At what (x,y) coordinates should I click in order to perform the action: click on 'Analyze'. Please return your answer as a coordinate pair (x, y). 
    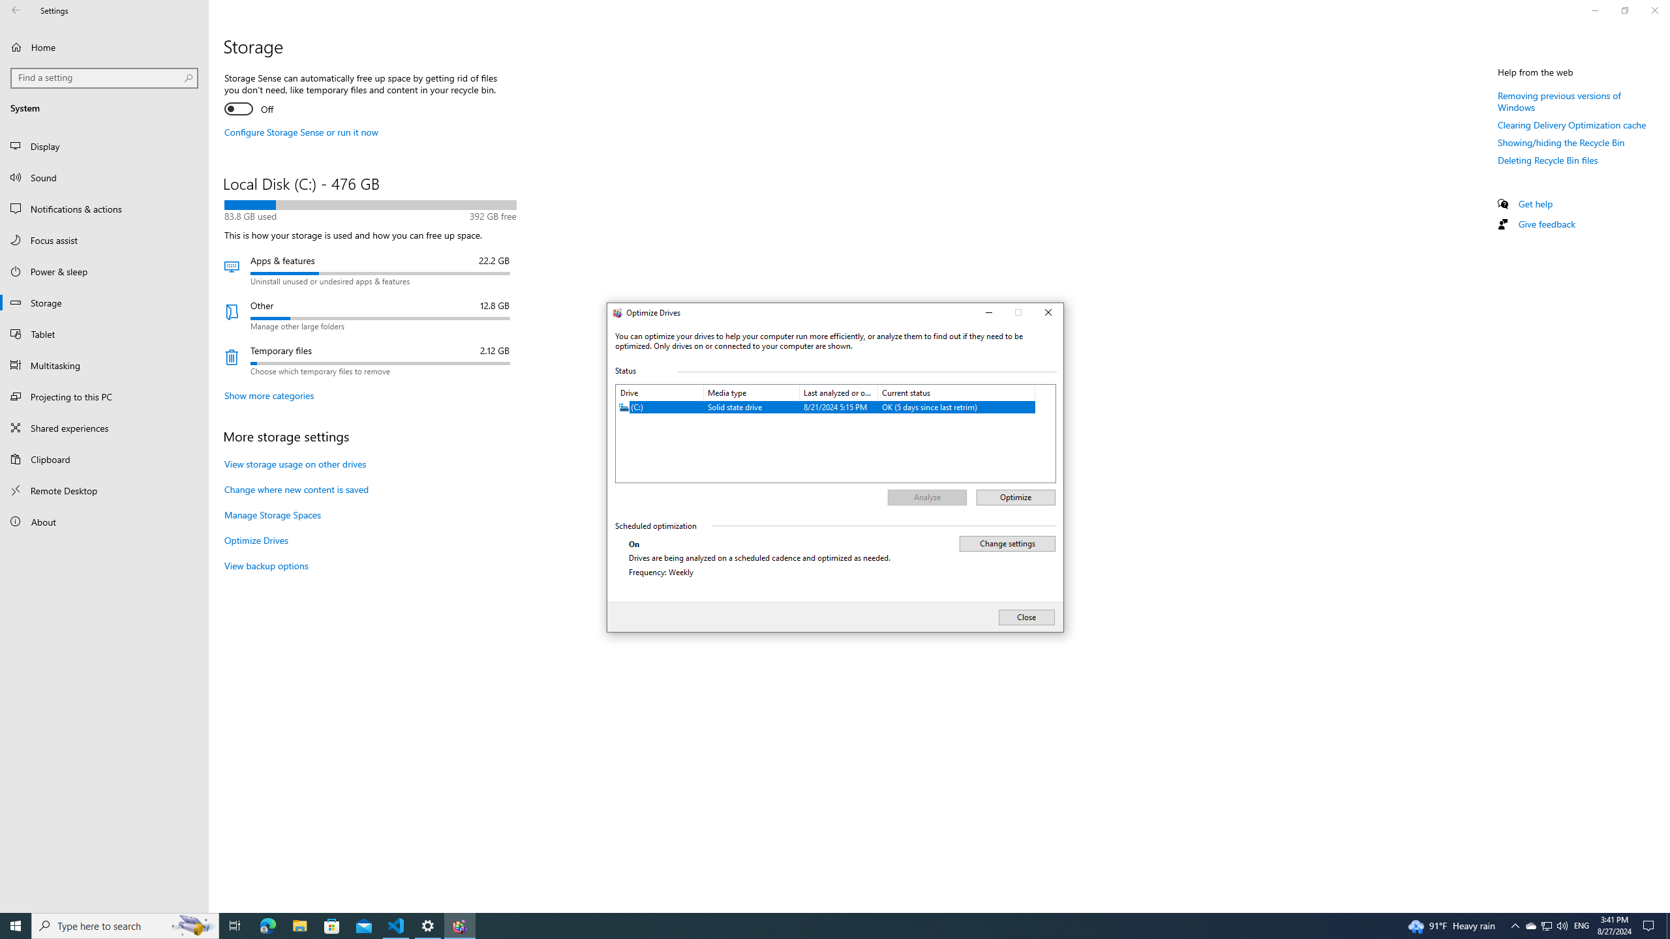
    Looking at the image, I should click on (926, 497).